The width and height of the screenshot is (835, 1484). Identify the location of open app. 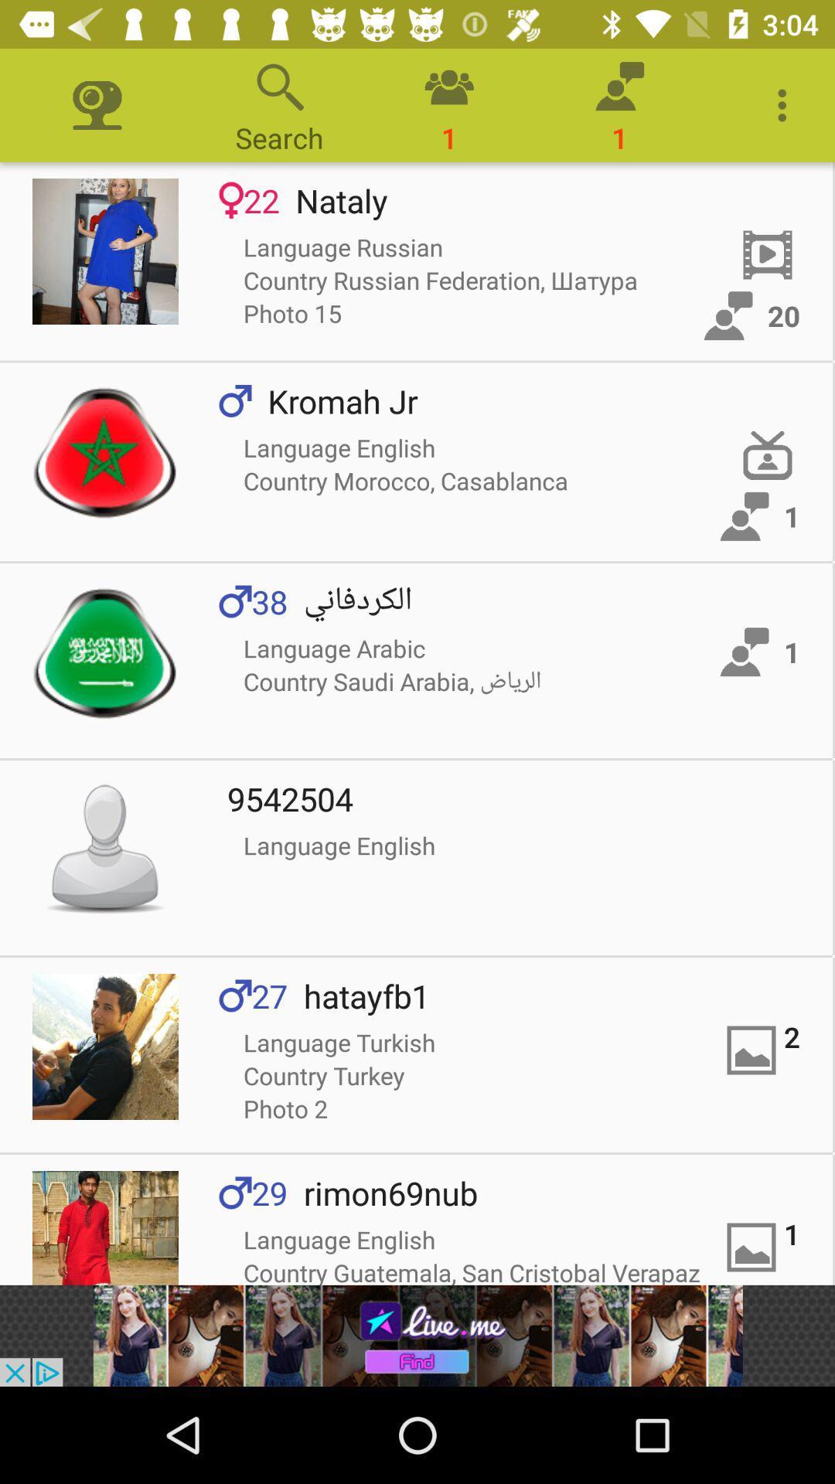
(104, 1227).